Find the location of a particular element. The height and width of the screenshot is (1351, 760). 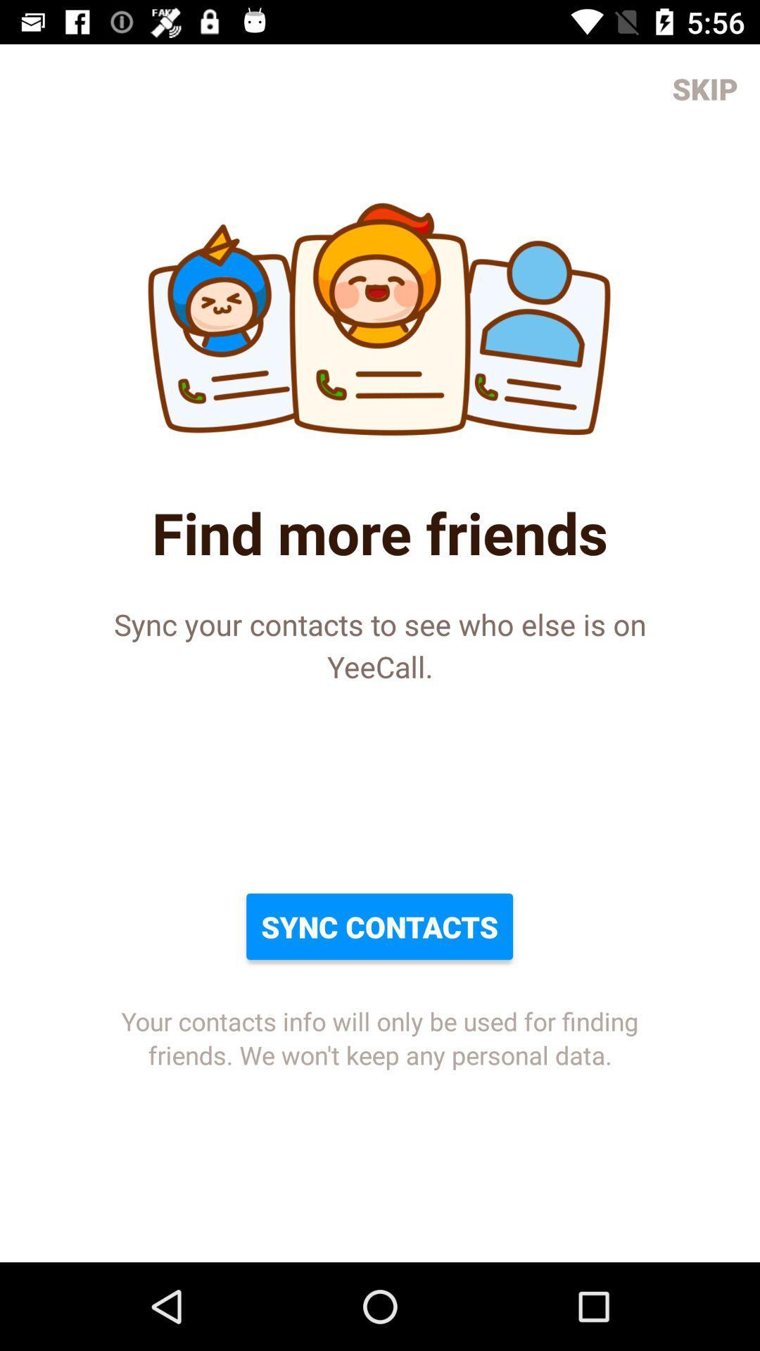

the icon at the top right corner is located at coordinates (705, 87).